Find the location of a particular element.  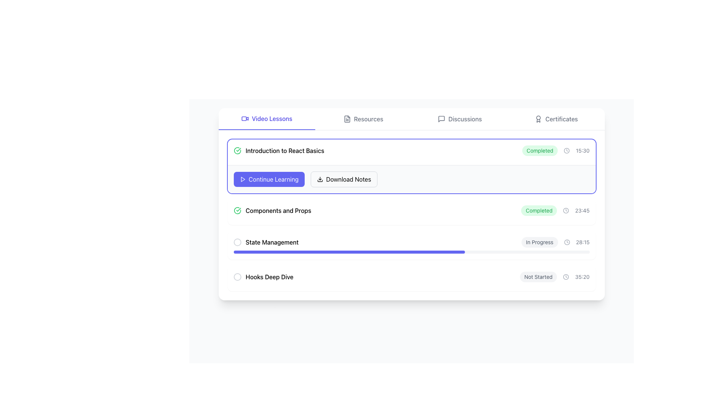

the circular element at a specified angle 172 (in degrees) from the positive x-axis is located at coordinates (569, 279).